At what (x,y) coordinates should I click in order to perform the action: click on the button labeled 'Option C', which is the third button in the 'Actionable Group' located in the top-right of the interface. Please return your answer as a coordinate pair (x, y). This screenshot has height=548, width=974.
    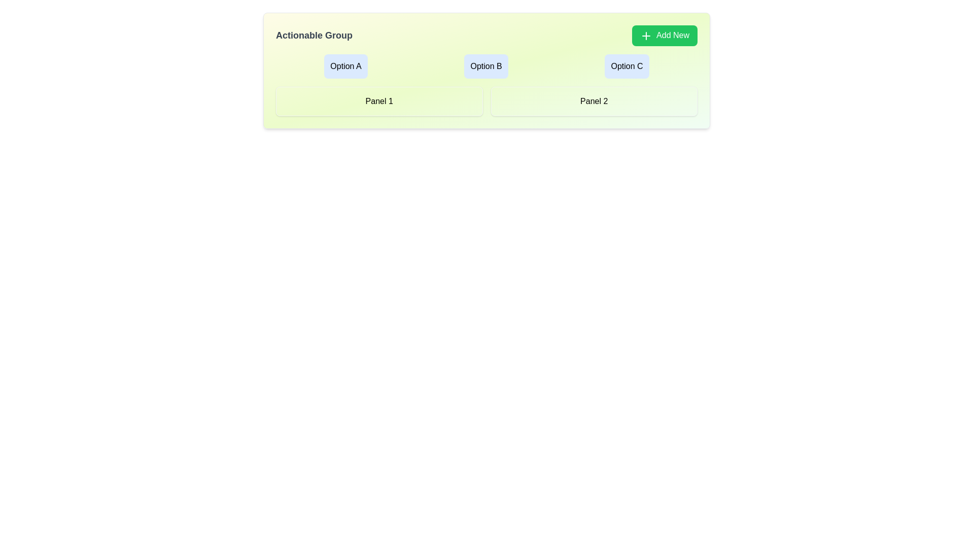
    Looking at the image, I should click on (627, 66).